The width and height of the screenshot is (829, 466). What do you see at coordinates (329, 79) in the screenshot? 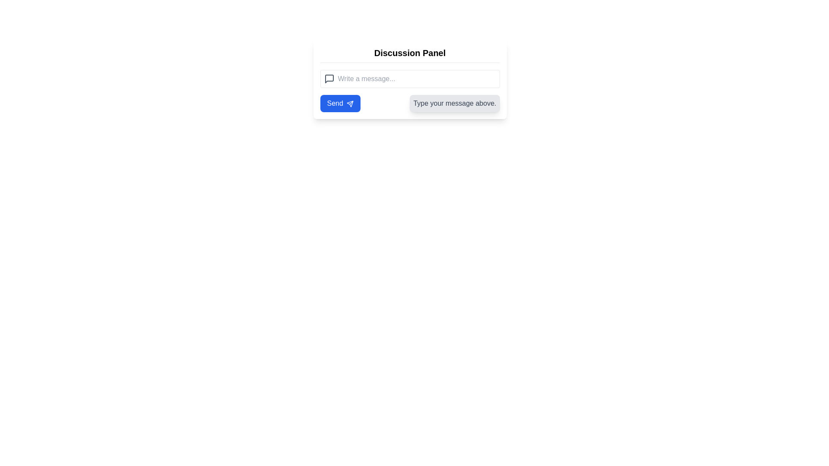
I see `the gray speech bubble outline icon located on the left side of the text input field labeled 'Write a message...'` at bounding box center [329, 79].